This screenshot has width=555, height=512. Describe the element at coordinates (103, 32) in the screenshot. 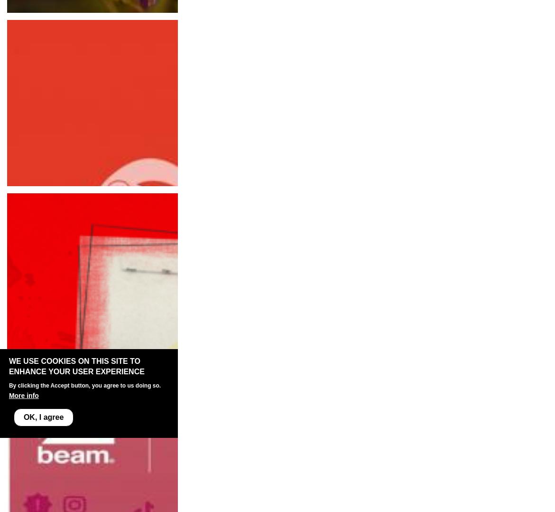

I see `'How can Nigerian women gain political power in 2027?'` at that location.